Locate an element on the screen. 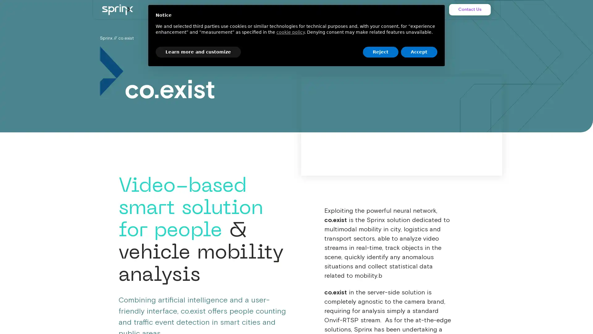 The height and width of the screenshot is (334, 593). Reject is located at coordinates (380, 52).